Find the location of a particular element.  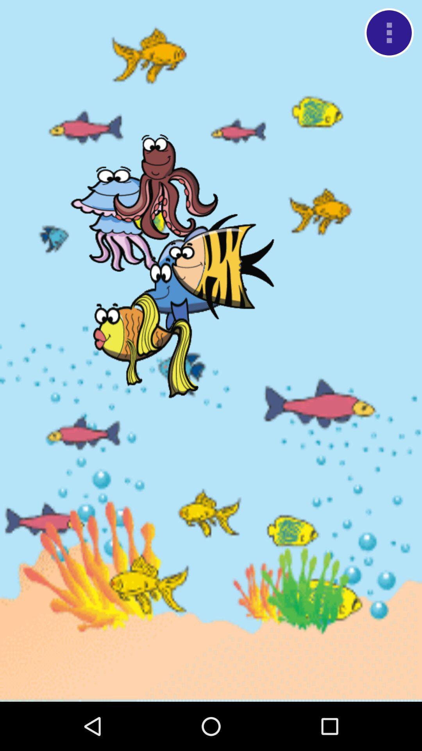

the more icon is located at coordinates (389, 34).